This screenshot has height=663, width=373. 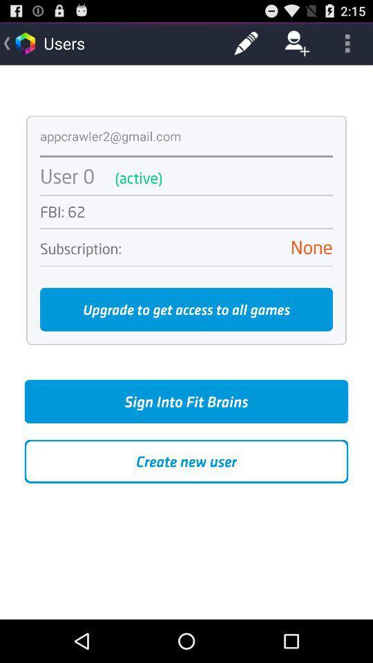 I want to click on the item to the right of users icon, so click(x=245, y=43).